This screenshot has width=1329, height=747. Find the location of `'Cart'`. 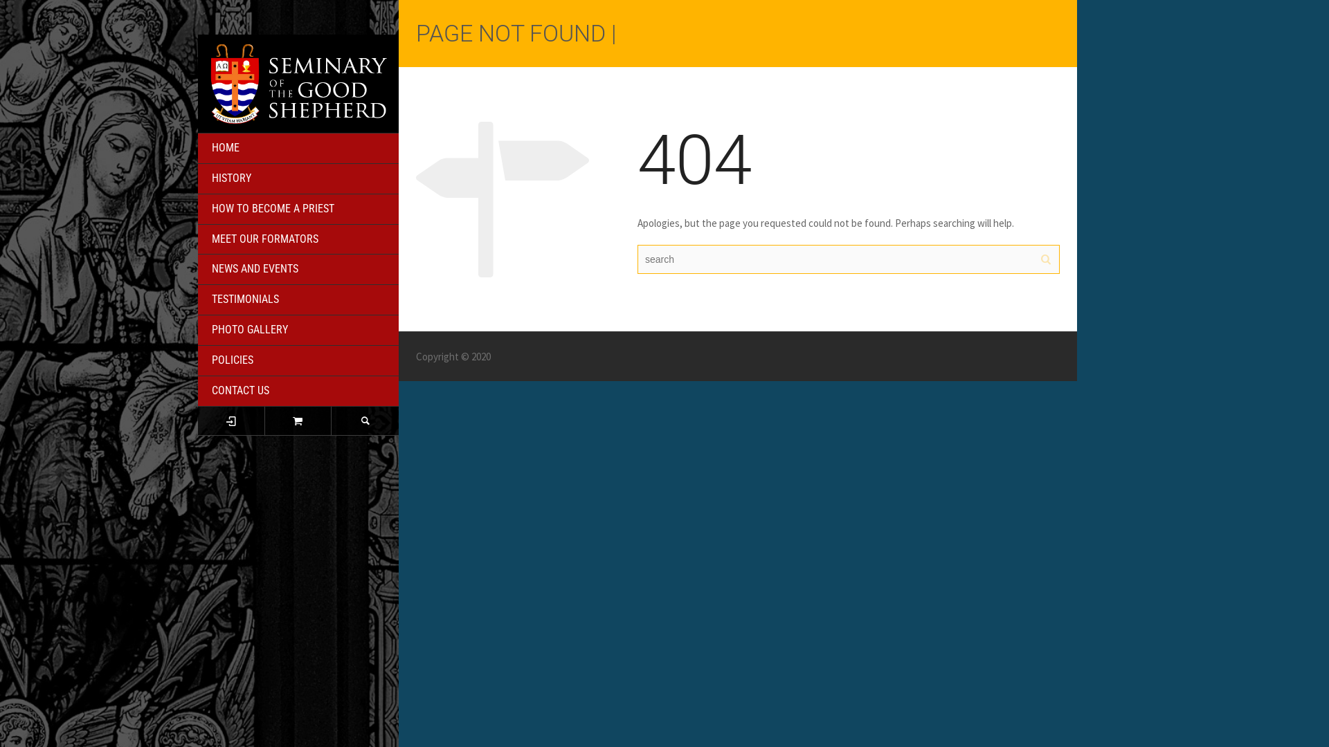

'Cart' is located at coordinates (298, 420).